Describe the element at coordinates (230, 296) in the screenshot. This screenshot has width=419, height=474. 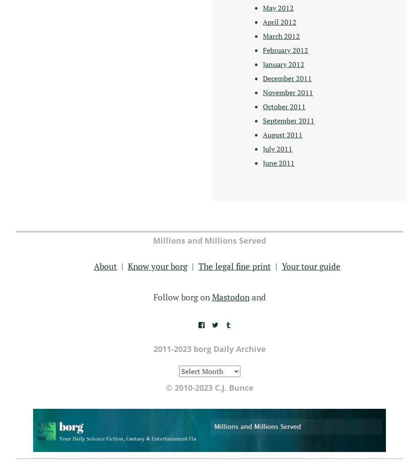
I see `'Mastodon'` at that location.